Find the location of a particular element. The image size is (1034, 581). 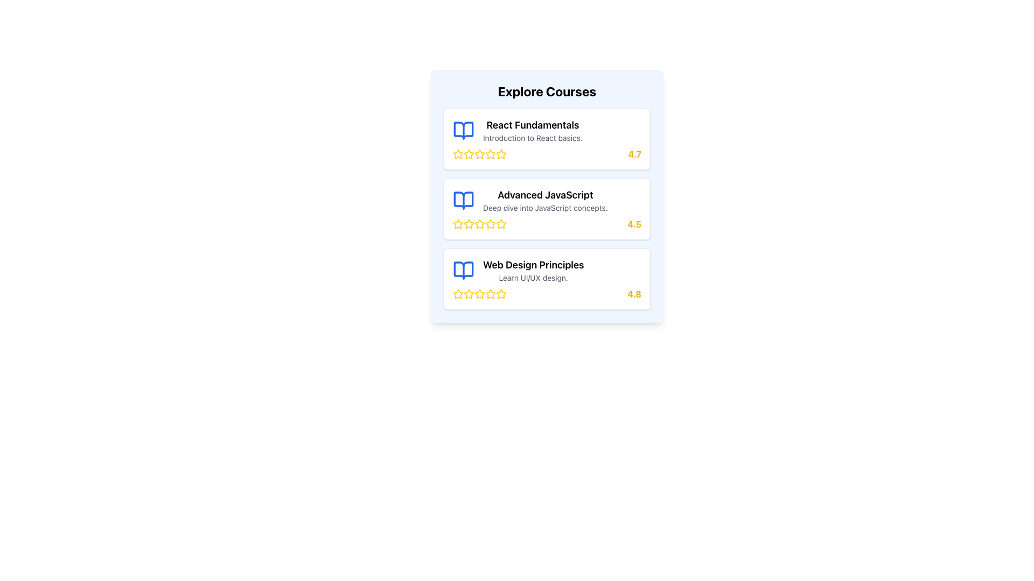

the second star icon in the five-star rating system for the course 'React Fundamentals' to interact with it is located at coordinates (490, 153).